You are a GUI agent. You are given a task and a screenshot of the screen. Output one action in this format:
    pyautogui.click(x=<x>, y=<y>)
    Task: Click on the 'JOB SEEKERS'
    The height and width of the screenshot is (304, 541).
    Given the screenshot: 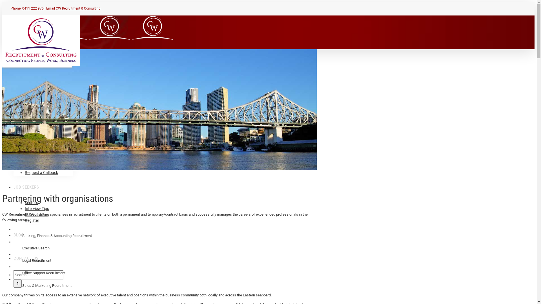 What is the action you would take?
    pyautogui.click(x=26, y=187)
    